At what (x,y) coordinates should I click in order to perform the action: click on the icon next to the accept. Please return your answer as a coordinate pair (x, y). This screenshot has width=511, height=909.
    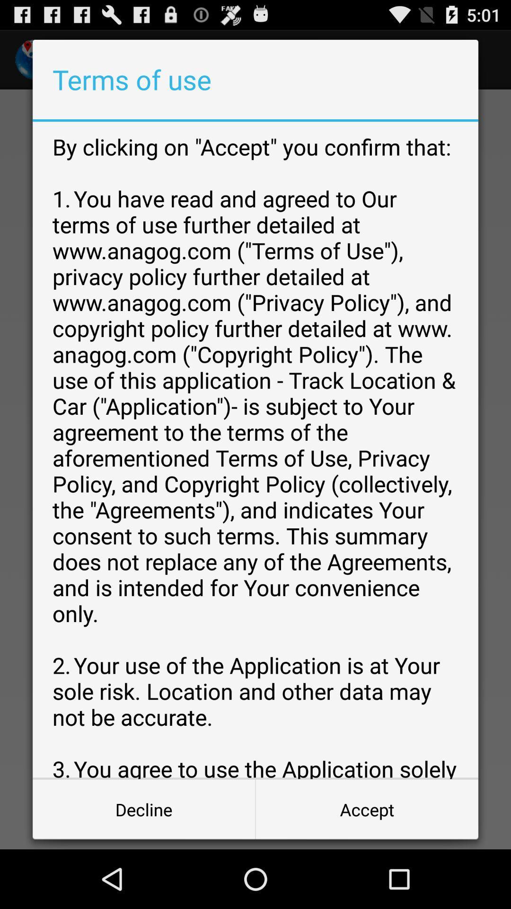
    Looking at the image, I should click on (144, 809).